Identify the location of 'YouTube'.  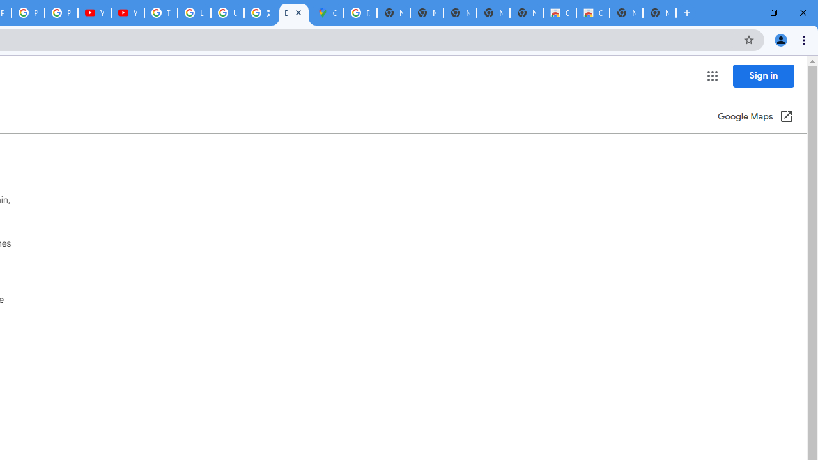
(128, 13).